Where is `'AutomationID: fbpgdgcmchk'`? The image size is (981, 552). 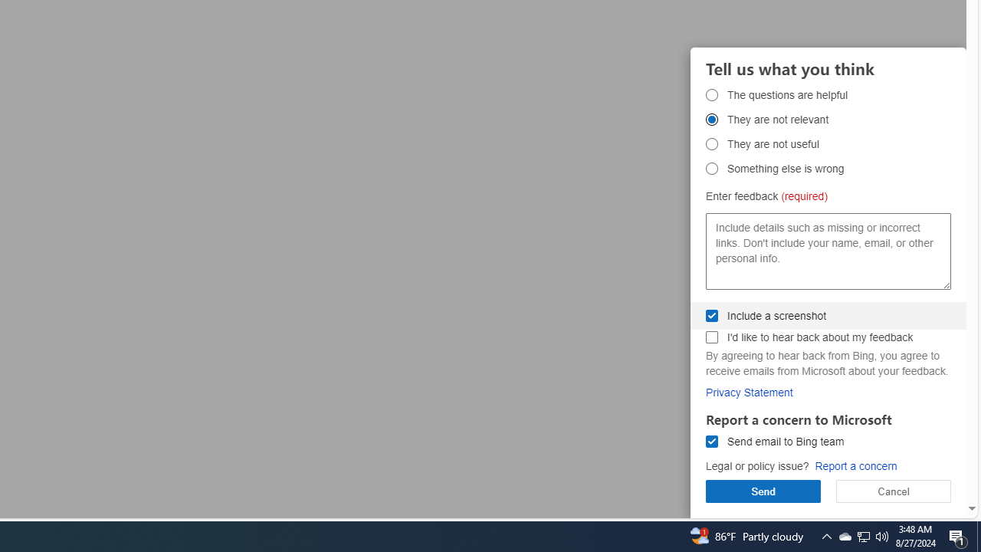 'AutomationID: fbpgdgcmchk' is located at coordinates (711, 336).